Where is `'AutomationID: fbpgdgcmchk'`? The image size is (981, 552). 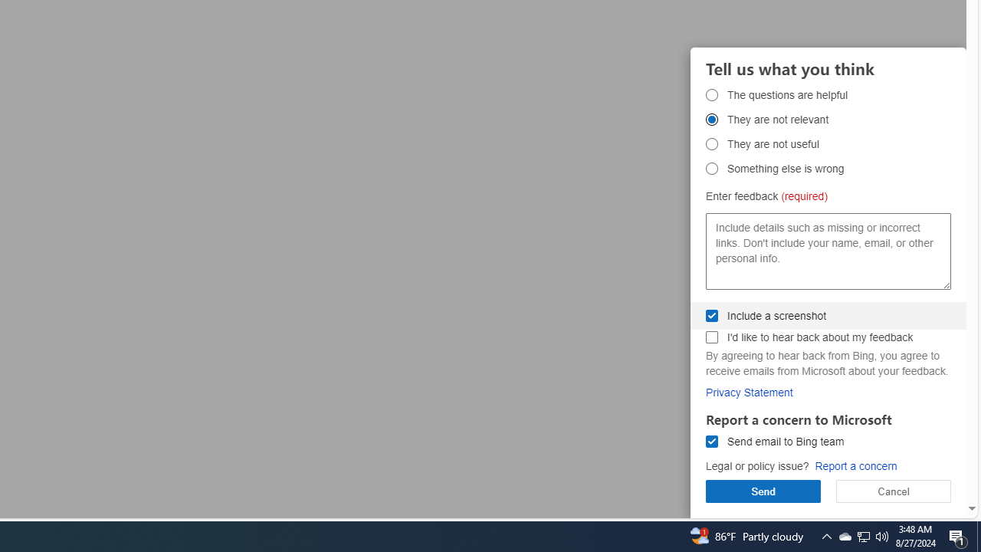 'AutomationID: fbpgdgcmchk' is located at coordinates (711, 336).